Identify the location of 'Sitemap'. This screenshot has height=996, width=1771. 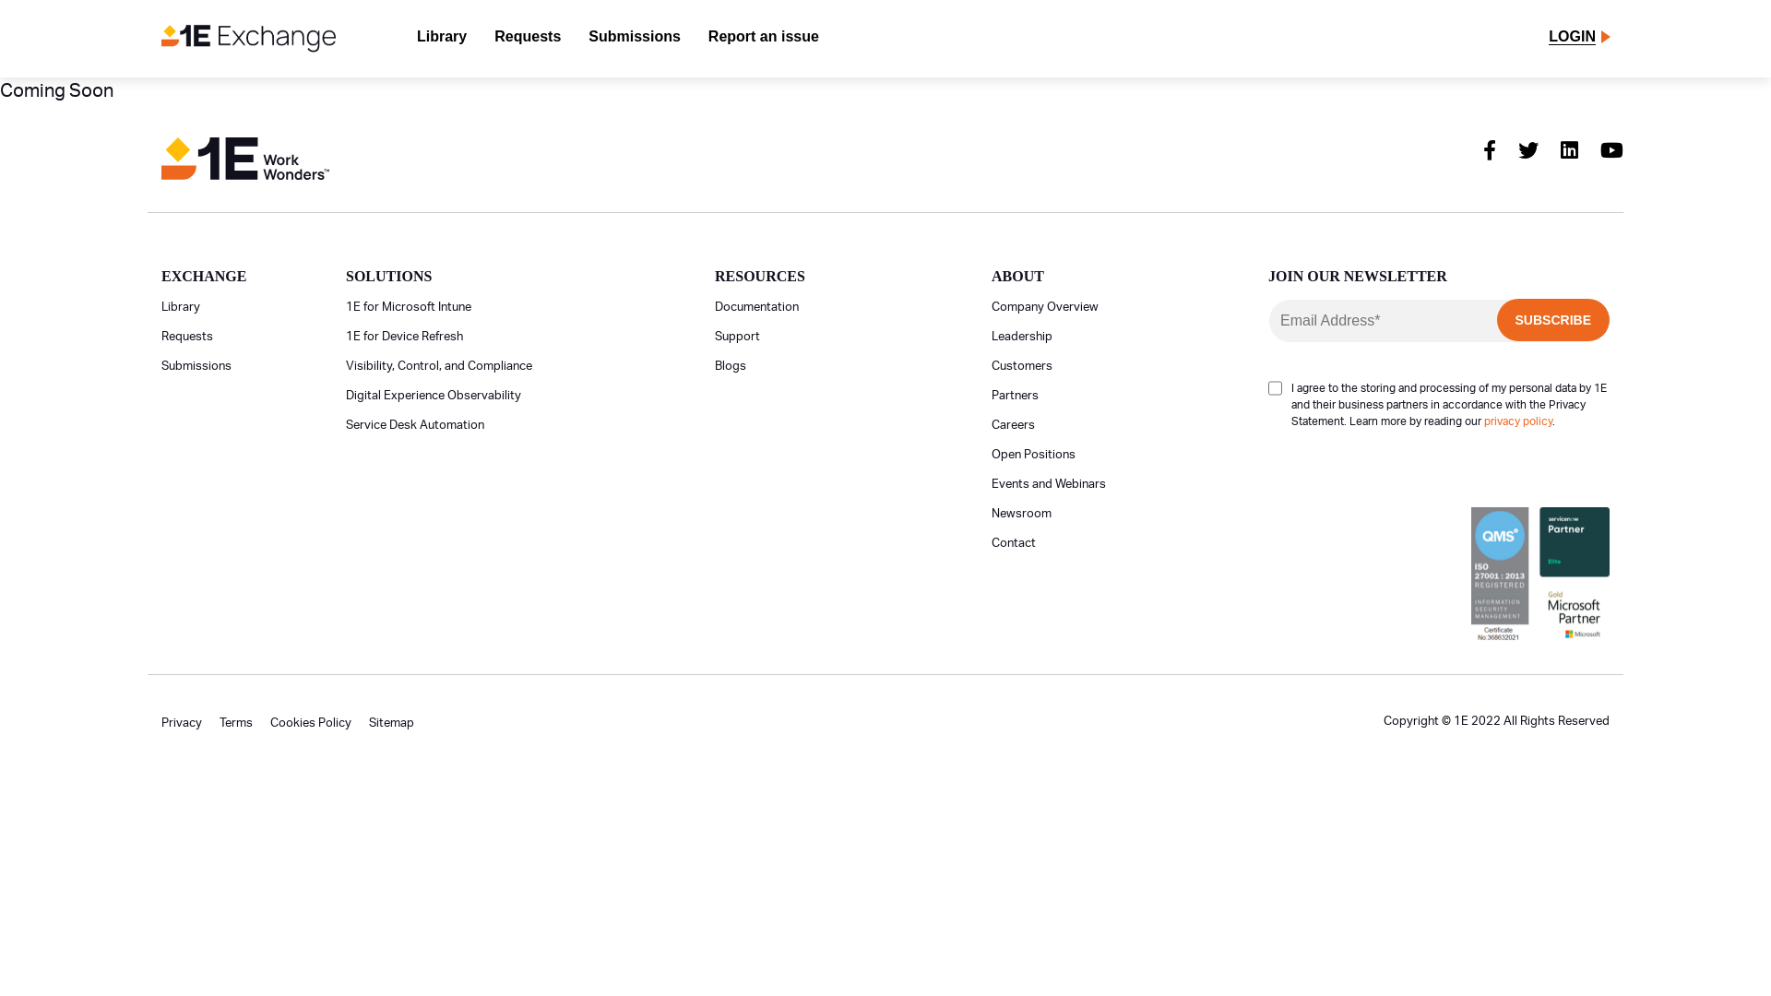
(368, 722).